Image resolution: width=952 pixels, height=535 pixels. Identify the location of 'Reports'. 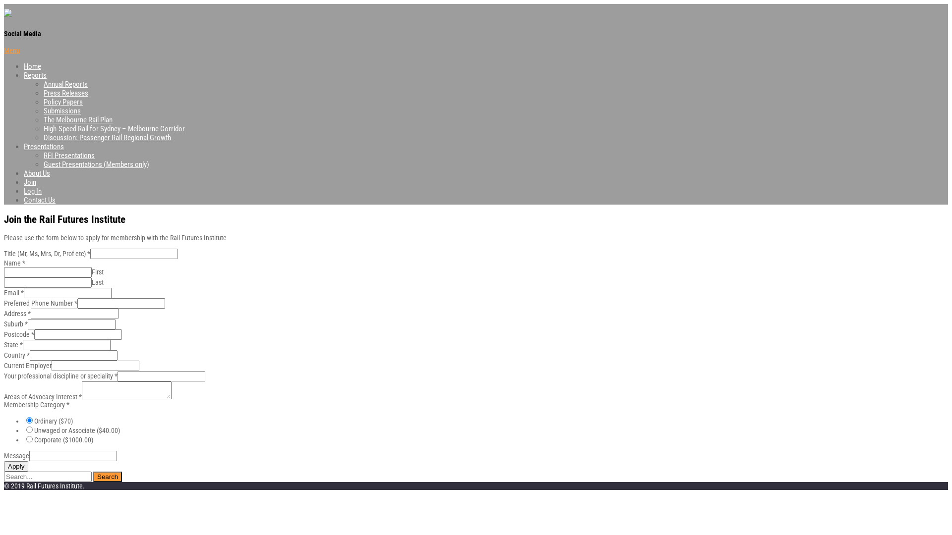
(35, 74).